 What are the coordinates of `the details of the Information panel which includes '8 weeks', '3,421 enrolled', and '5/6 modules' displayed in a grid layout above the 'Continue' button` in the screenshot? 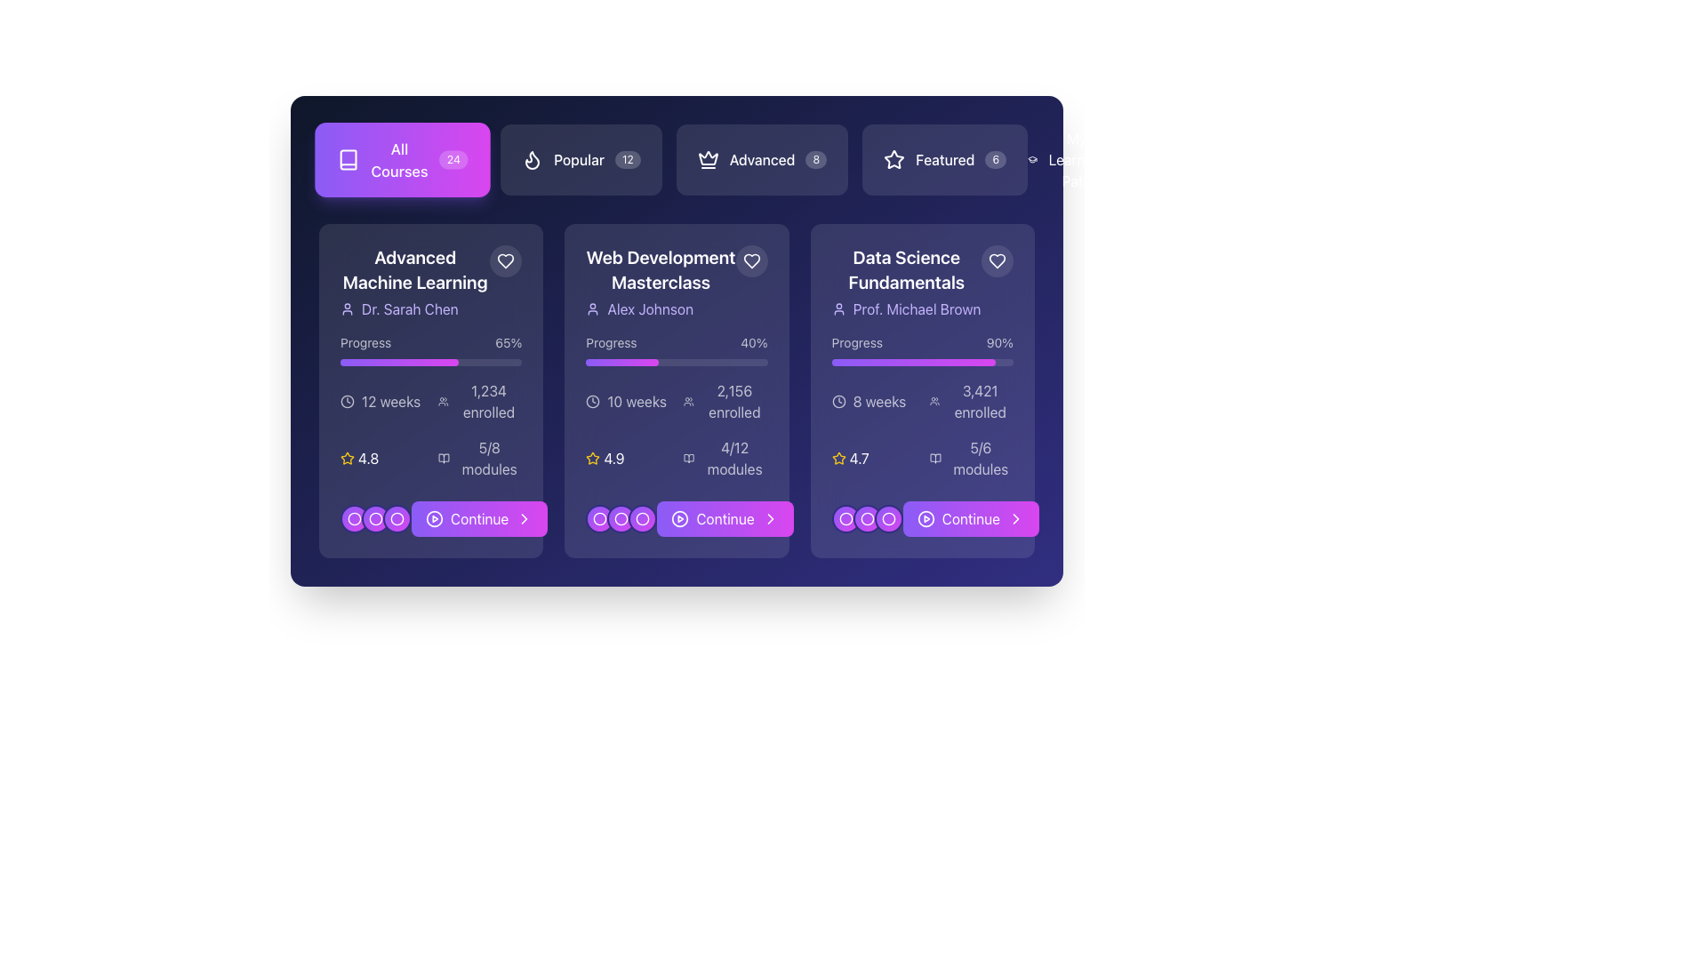 It's located at (922, 429).